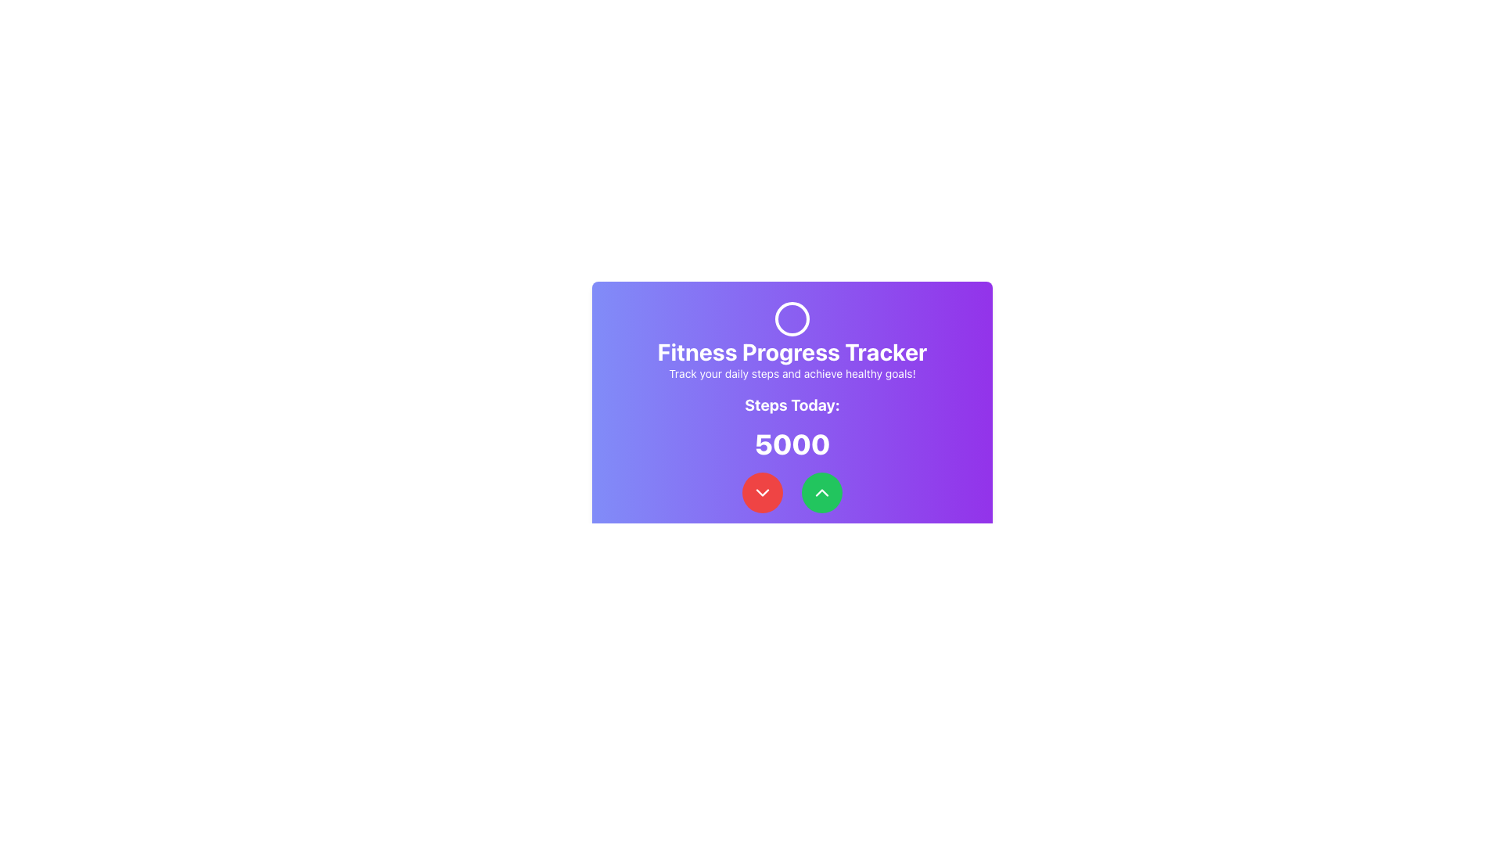 The image size is (1502, 845). Describe the element at coordinates (762, 491) in the screenshot. I see `the down-facing chevron icon contained within the red circular button at the bottom left of the card to observe any hover effects` at that location.